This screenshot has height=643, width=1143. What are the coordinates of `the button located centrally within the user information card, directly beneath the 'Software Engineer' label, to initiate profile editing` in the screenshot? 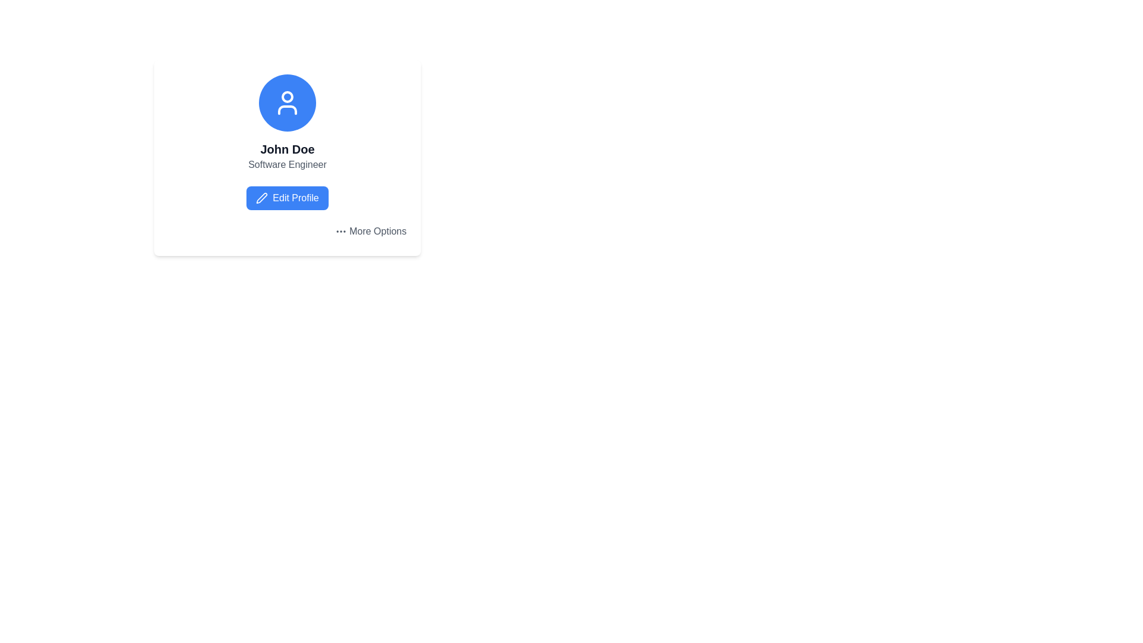 It's located at (288, 197).